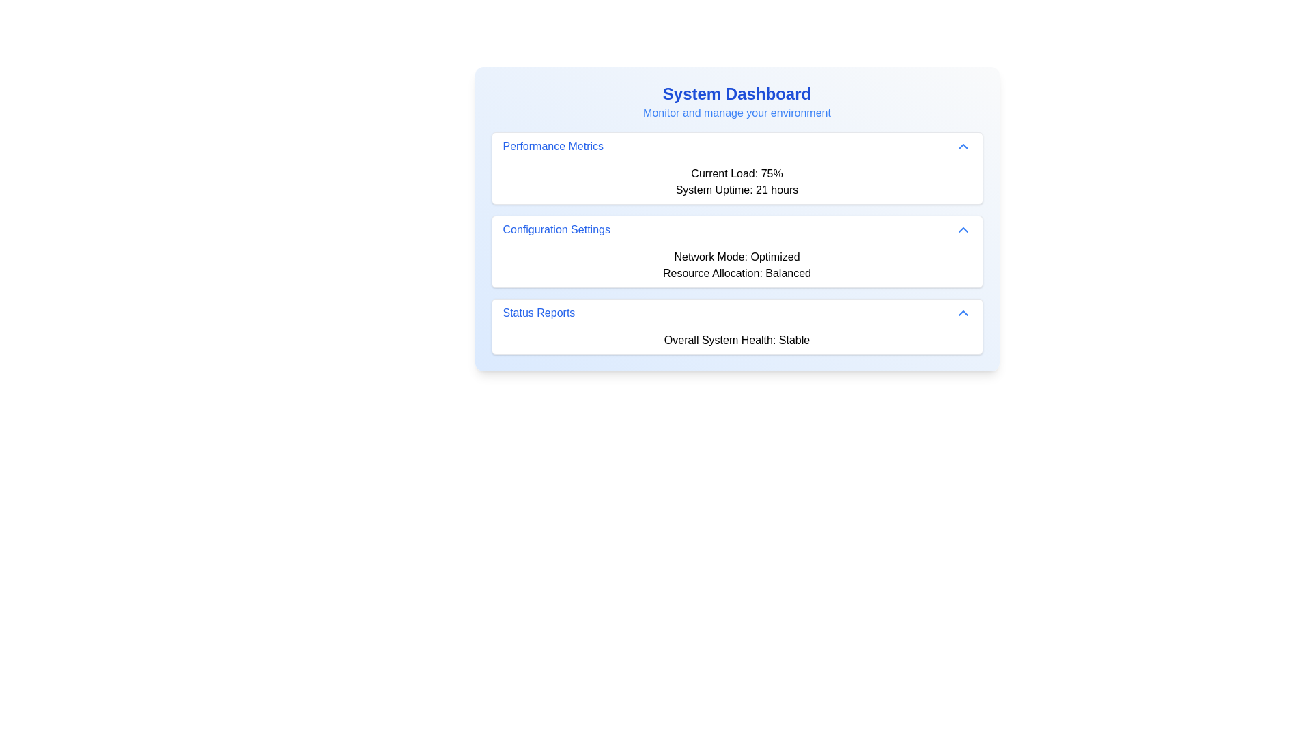  Describe the element at coordinates (736, 257) in the screenshot. I see `the static text label displaying 'Network Mode: Optimized' located in the 'Configuration Settings' section` at that location.